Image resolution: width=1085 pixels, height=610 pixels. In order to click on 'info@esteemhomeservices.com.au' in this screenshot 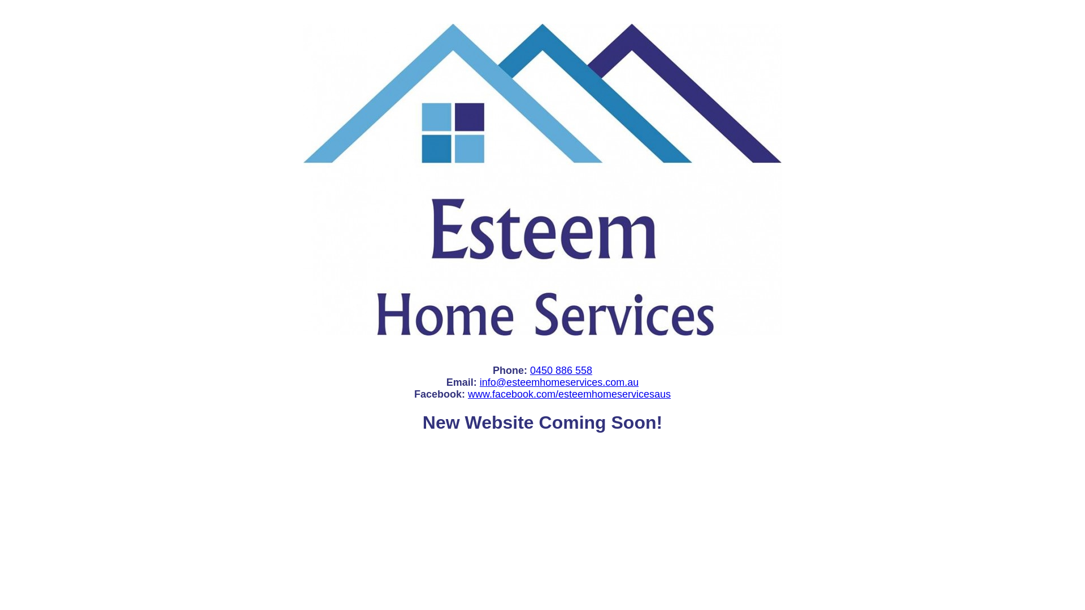, I will do `click(559, 382)`.